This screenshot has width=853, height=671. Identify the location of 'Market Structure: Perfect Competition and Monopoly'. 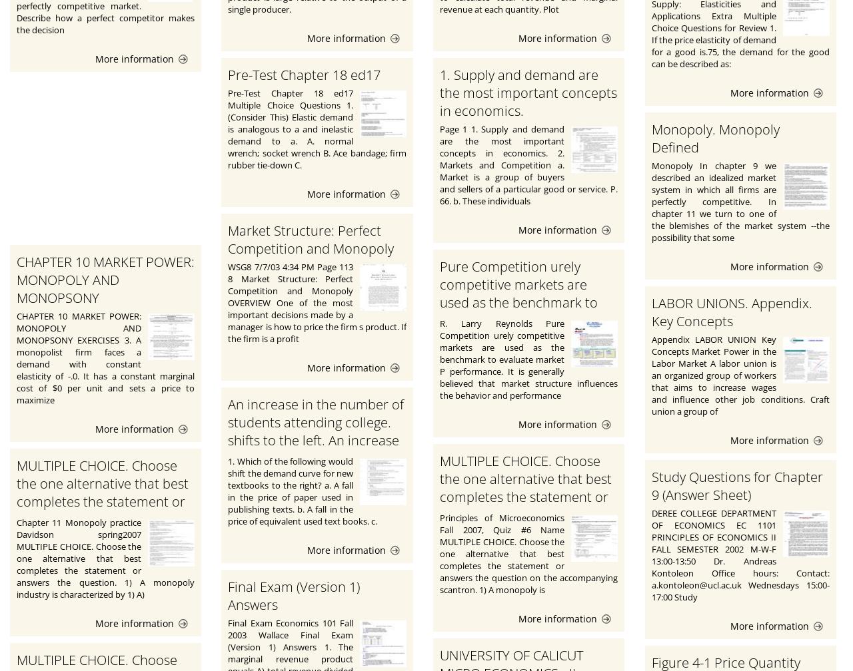
(310, 239).